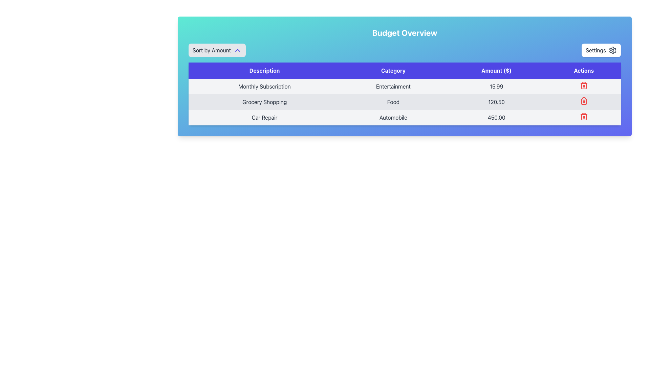 This screenshot has height=365, width=650. Describe the element at coordinates (496, 86) in the screenshot. I see `the text label displaying the amount in dollars for the 'Monthly Subscription' entry, which is located in the third cell of the first row under the 'Amount ($)' column` at that location.